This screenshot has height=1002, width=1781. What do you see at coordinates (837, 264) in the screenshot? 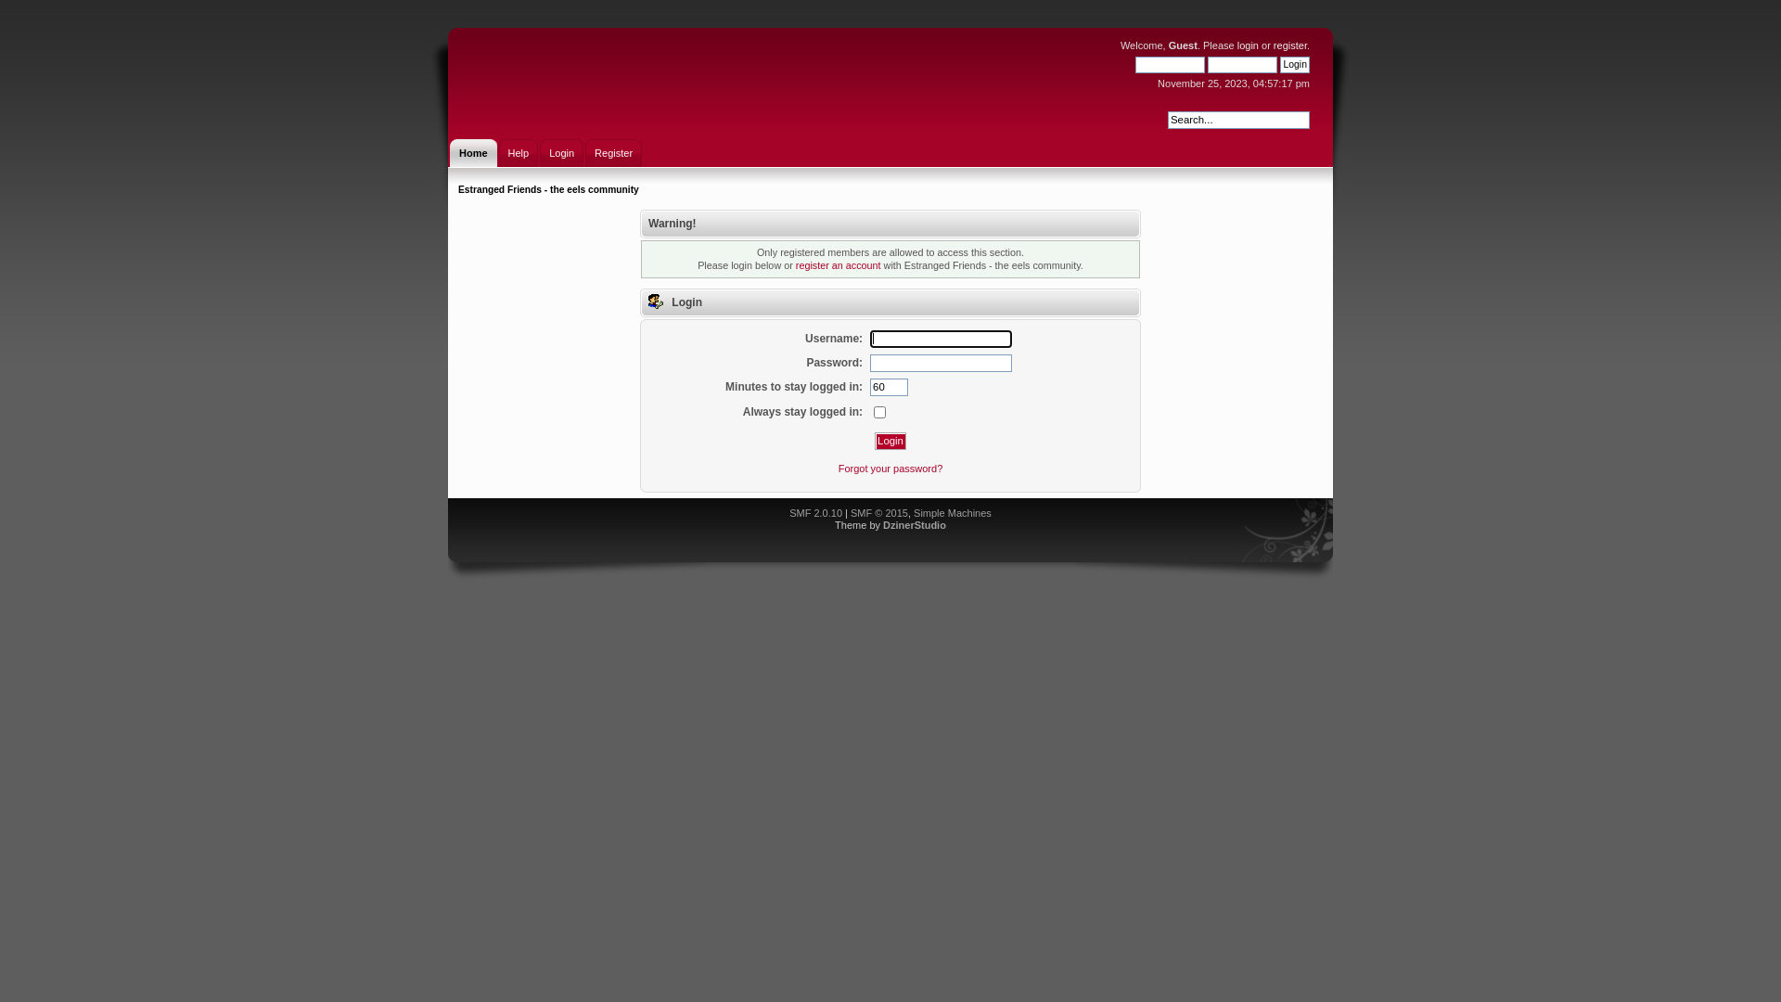
I see `'register an account'` at bounding box center [837, 264].